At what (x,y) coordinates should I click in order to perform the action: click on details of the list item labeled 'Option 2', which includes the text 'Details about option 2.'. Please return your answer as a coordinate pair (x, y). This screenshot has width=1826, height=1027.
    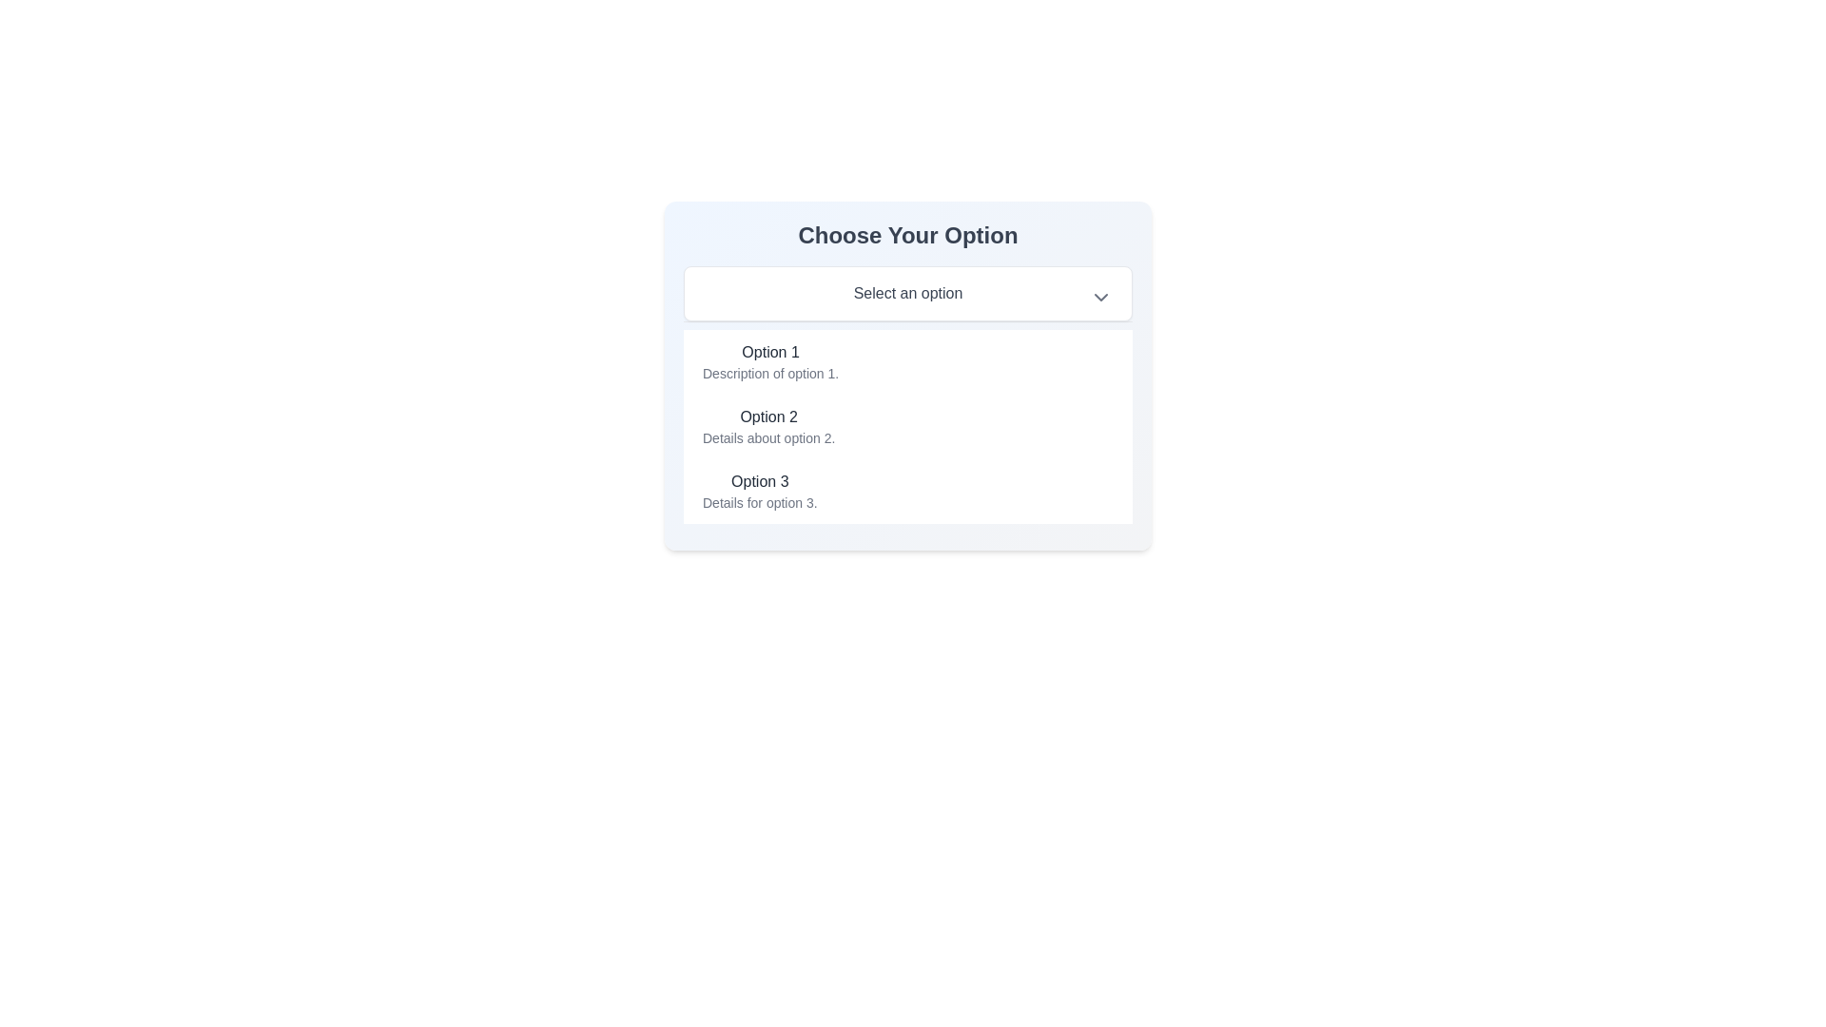
    Looking at the image, I should click on (768, 425).